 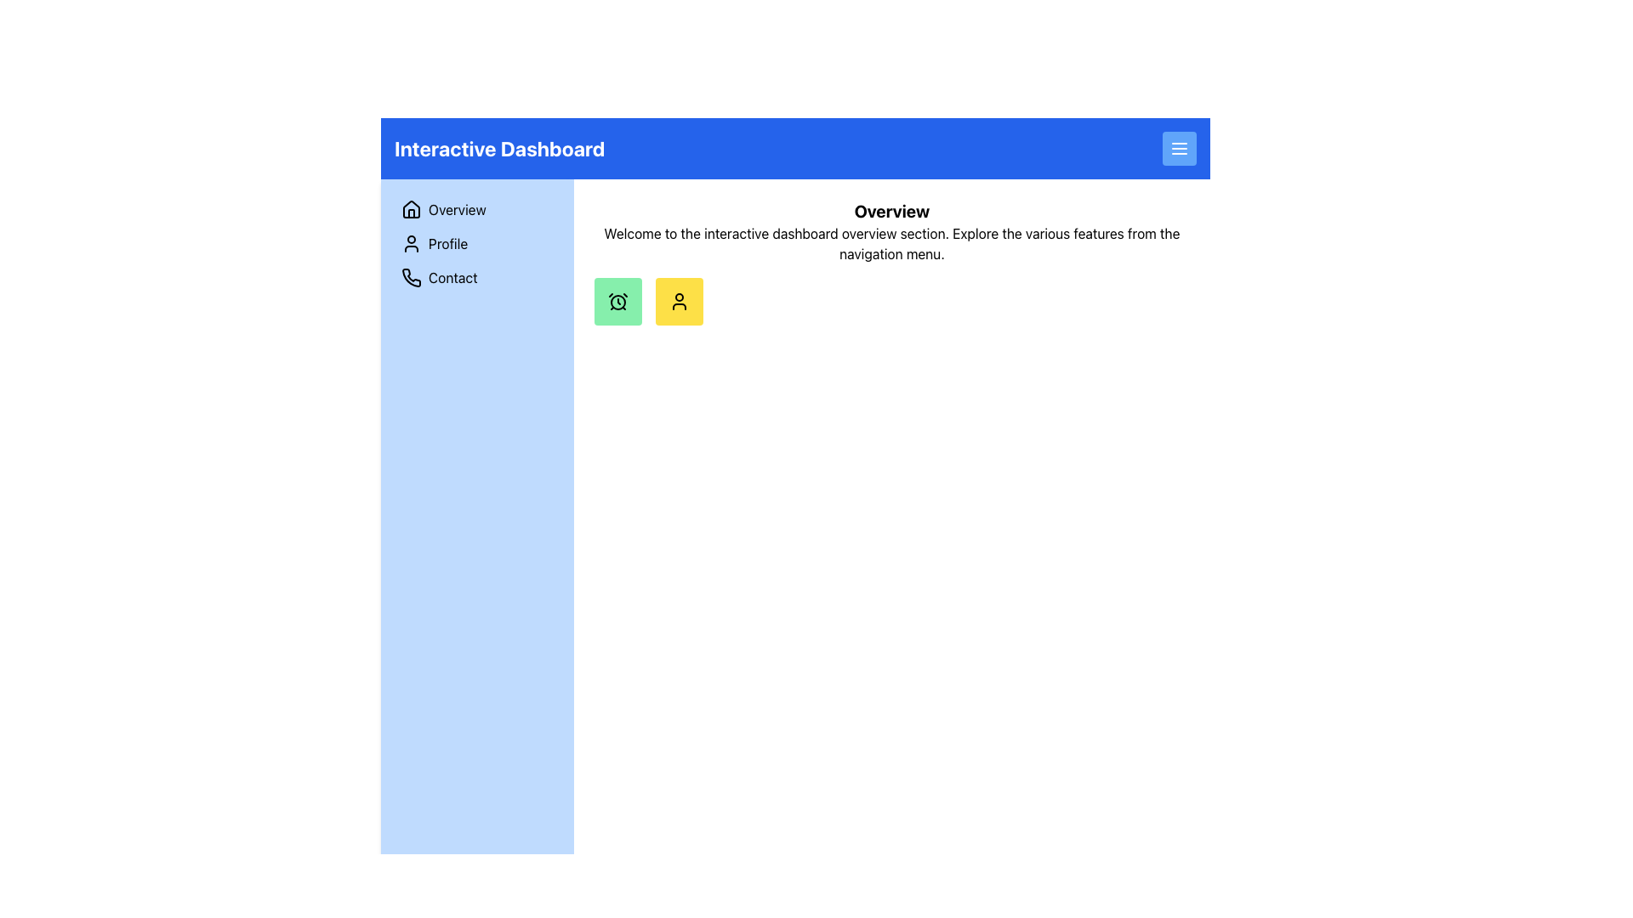 What do you see at coordinates (452, 277) in the screenshot?
I see `the 'Contact' label, which is styled in black font on a light blue background and is part of the navigation menu` at bounding box center [452, 277].